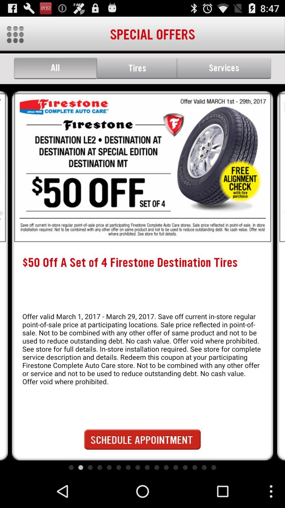 The height and width of the screenshot is (508, 285). What do you see at coordinates (142, 439) in the screenshot?
I see `the schedule appointment` at bounding box center [142, 439].